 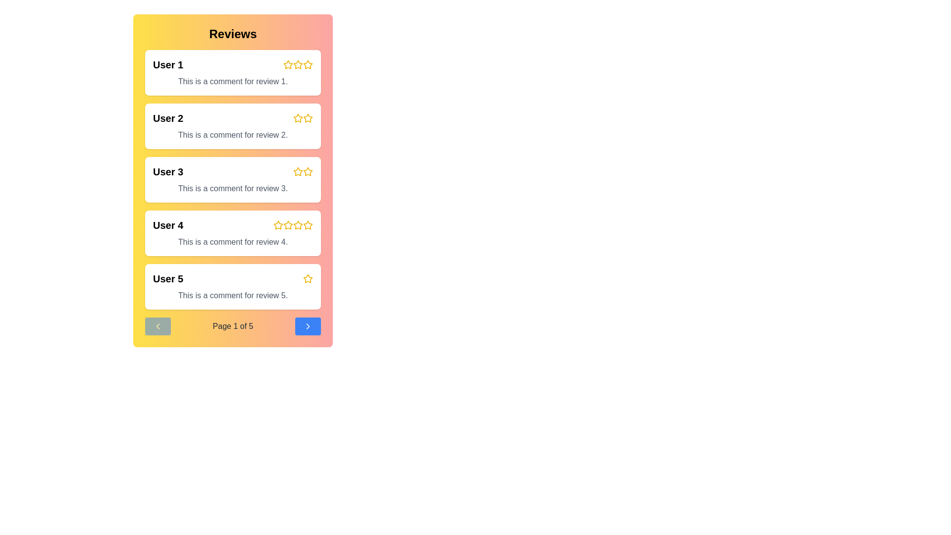 I want to click on the second star in the rating system for 'User 3' review to adjust the rating, so click(x=302, y=171).